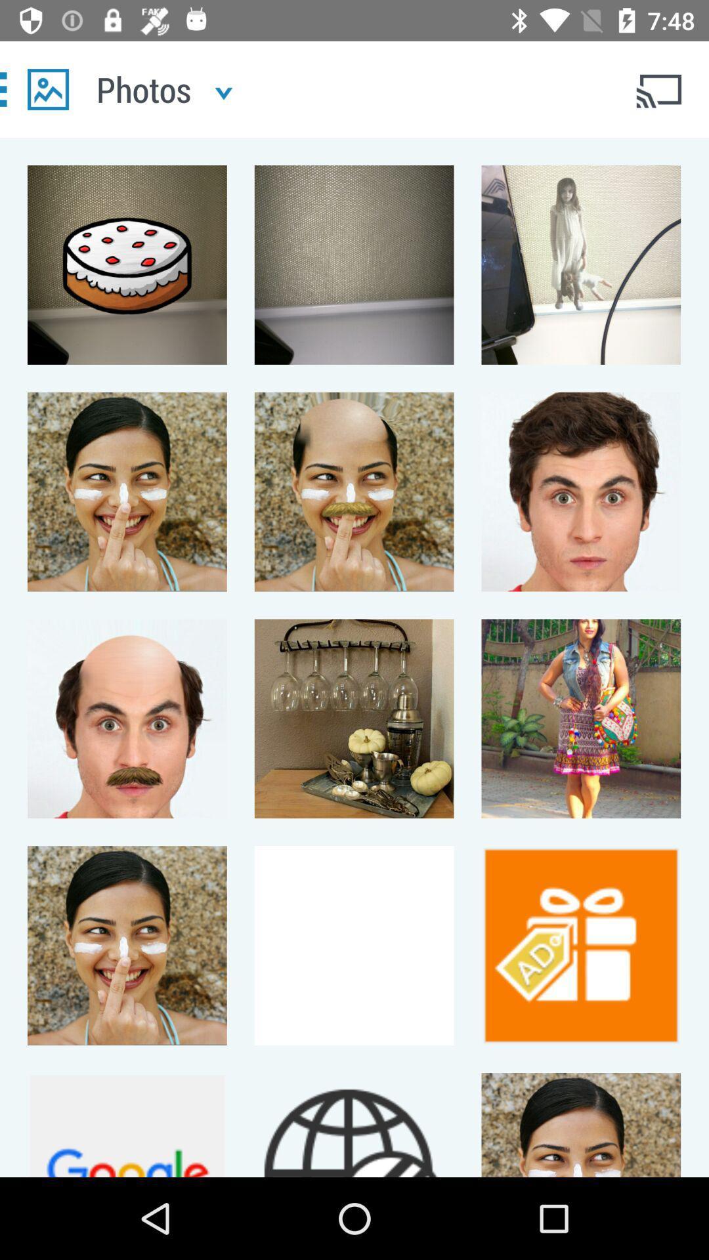 The image size is (709, 1260). Describe the element at coordinates (660, 89) in the screenshot. I see `wifi user` at that location.